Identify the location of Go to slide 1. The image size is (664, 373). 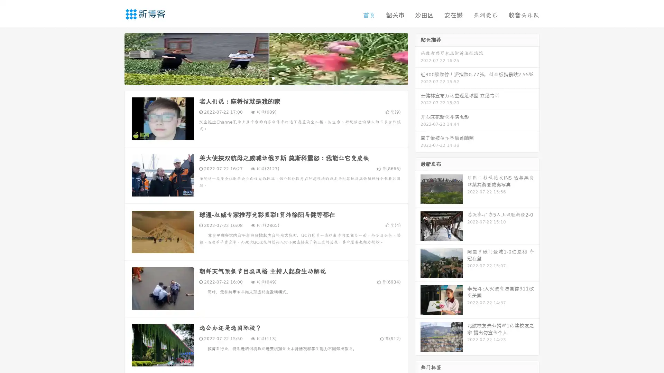
(259, 78).